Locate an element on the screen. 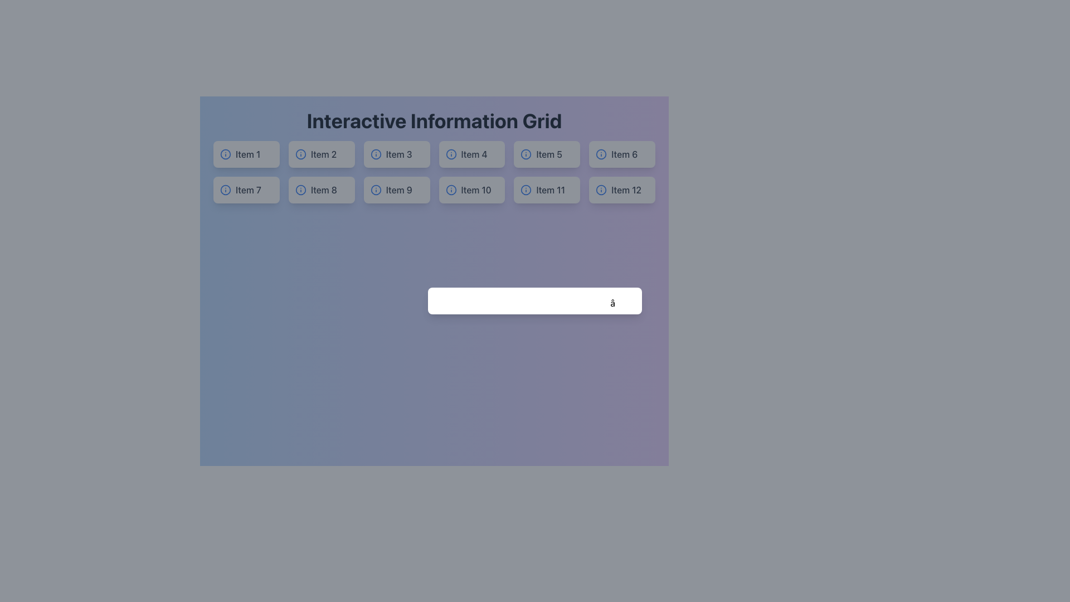  the circular blue outlined icon with an embedded information (i) symbol located to the left of the text label 'Item 7' is located at coordinates (225, 189).